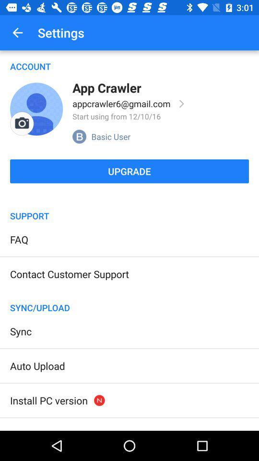 The height and width of the screenshot is (461, 259). I want to click on the start using from icon, so click(117, 116).